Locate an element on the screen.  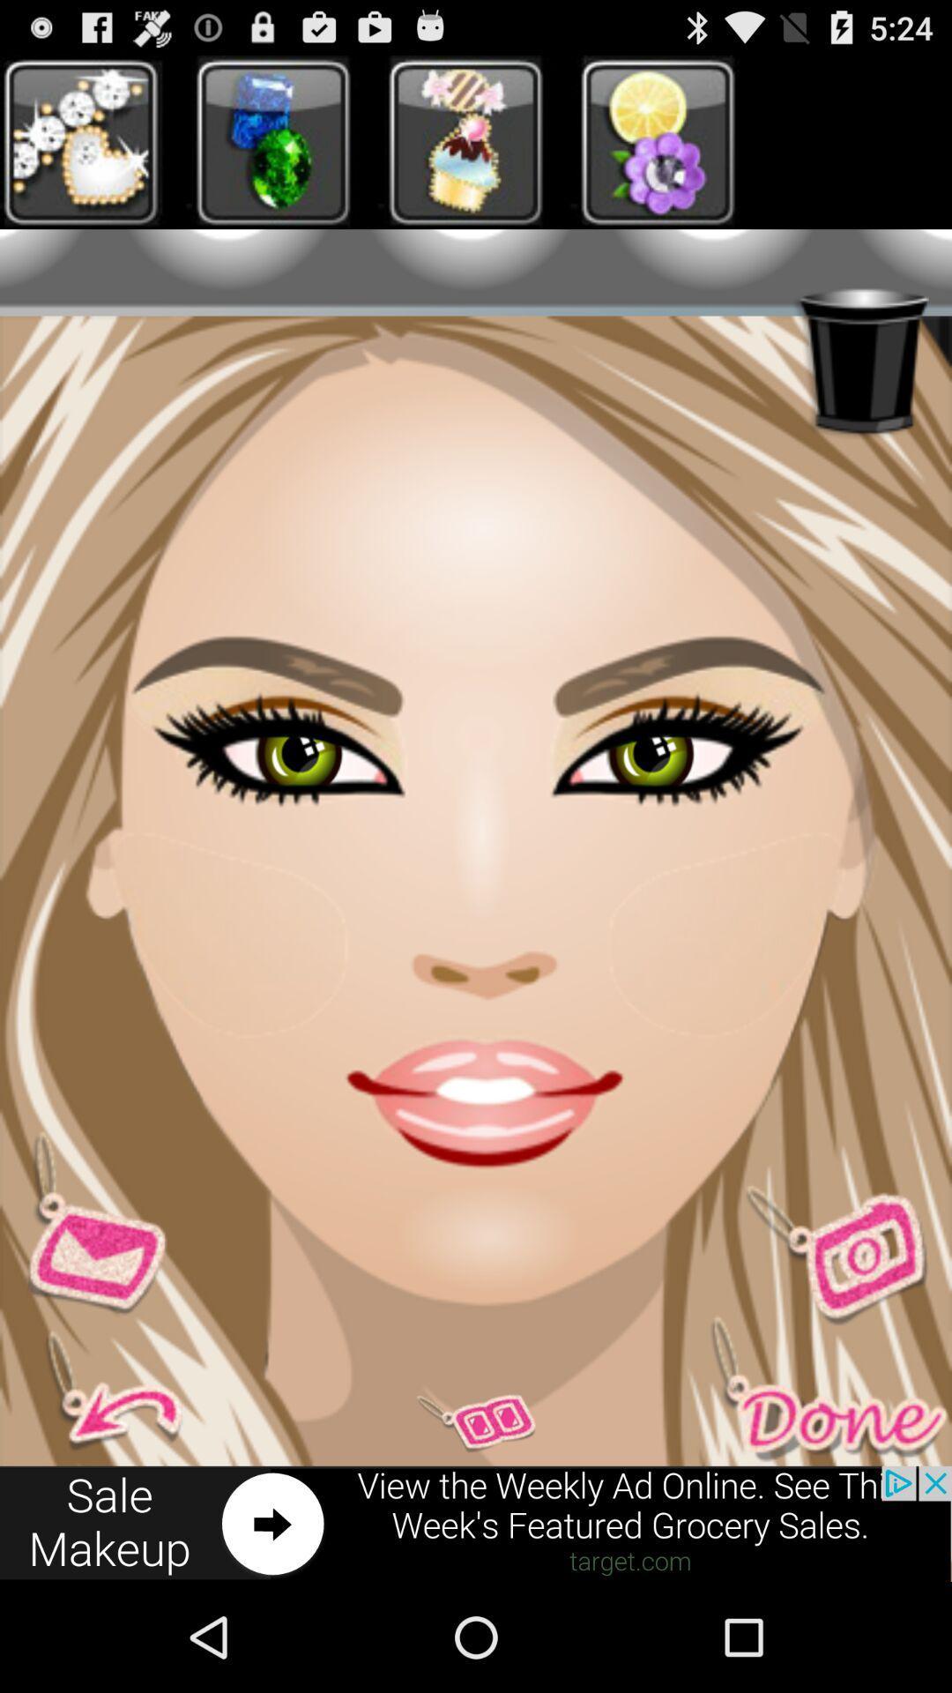
second image at top left corner is located at coordinates (287, 142).